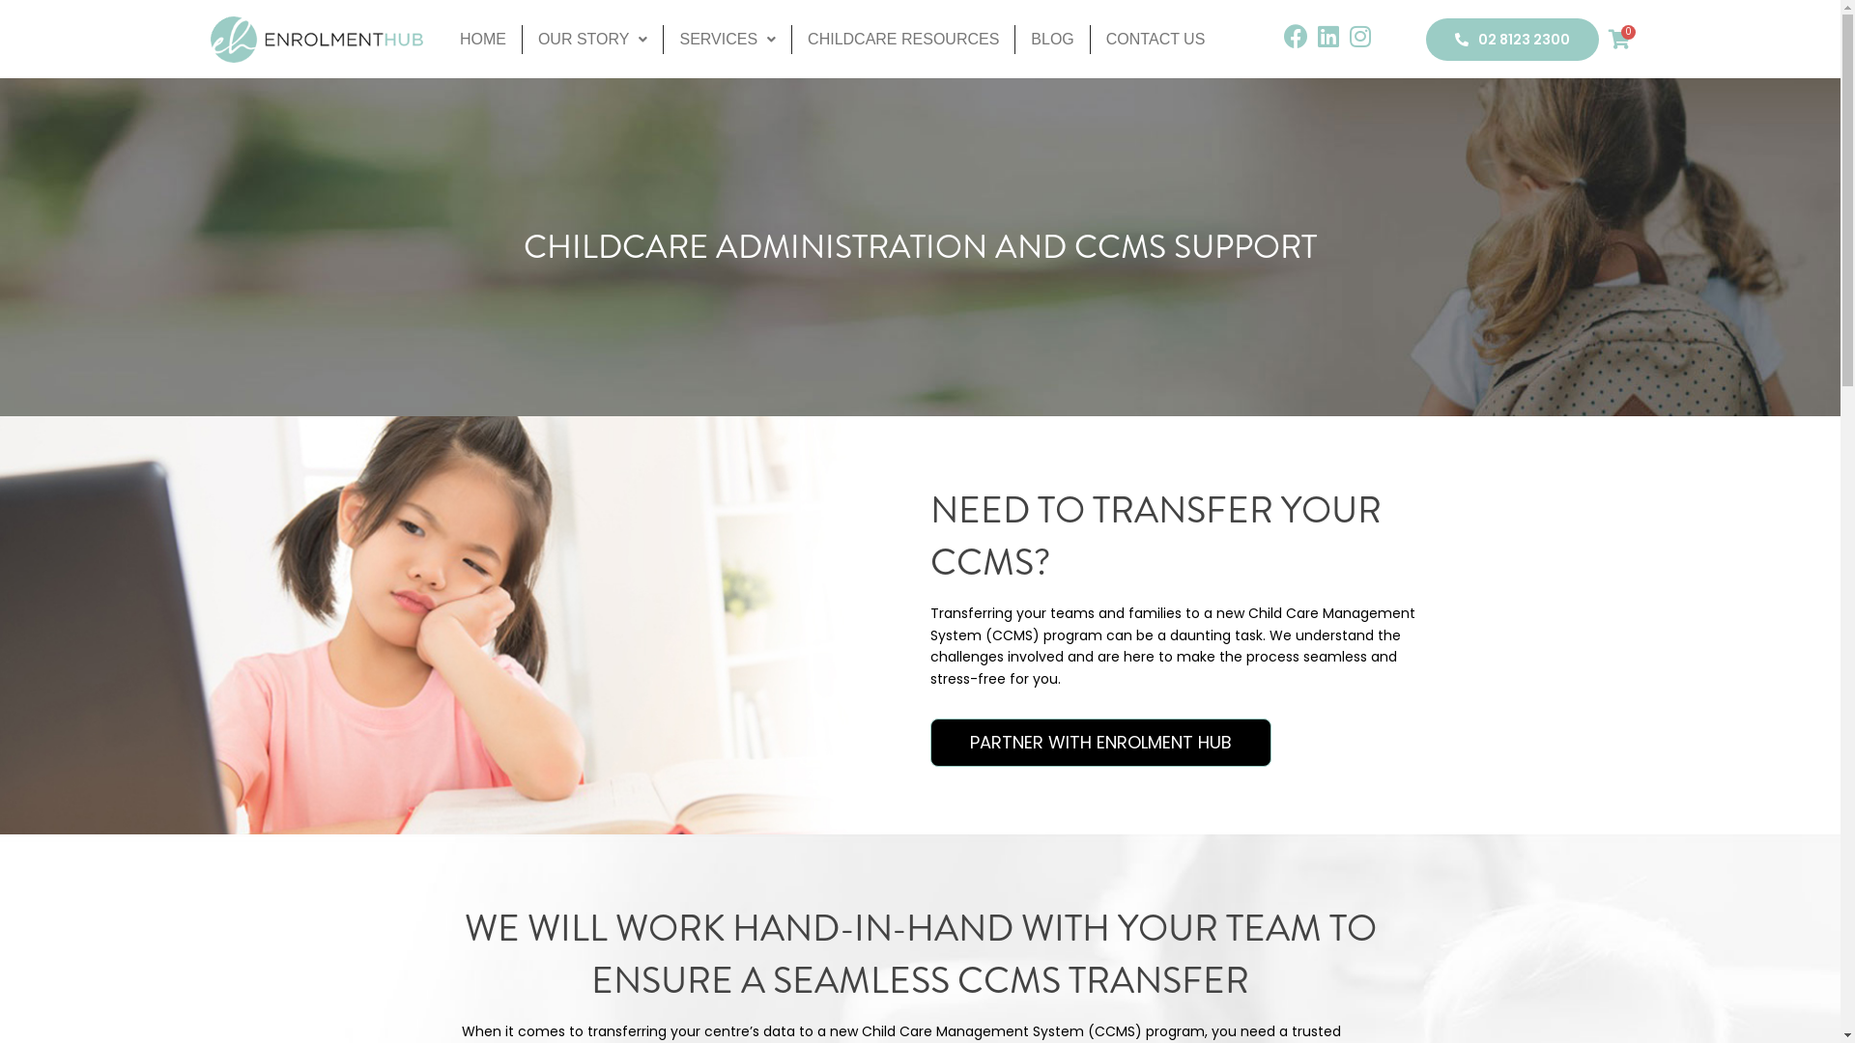 Image resolution: width=1855 pixels, height=1043 pixels. Describe the element at coordinates (1511, 40) in the screenshot. I see `'02 8123 2300'` at that location.